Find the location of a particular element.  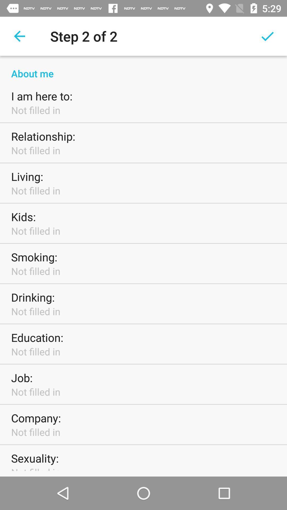

previous page is located at coordinates (19, 36).